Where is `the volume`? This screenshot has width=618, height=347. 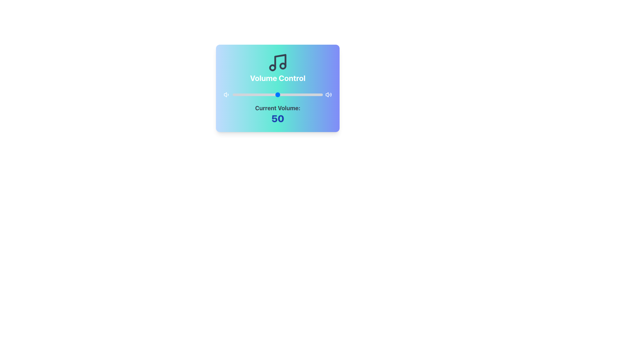 the volume is located at coordinates (310, 94).